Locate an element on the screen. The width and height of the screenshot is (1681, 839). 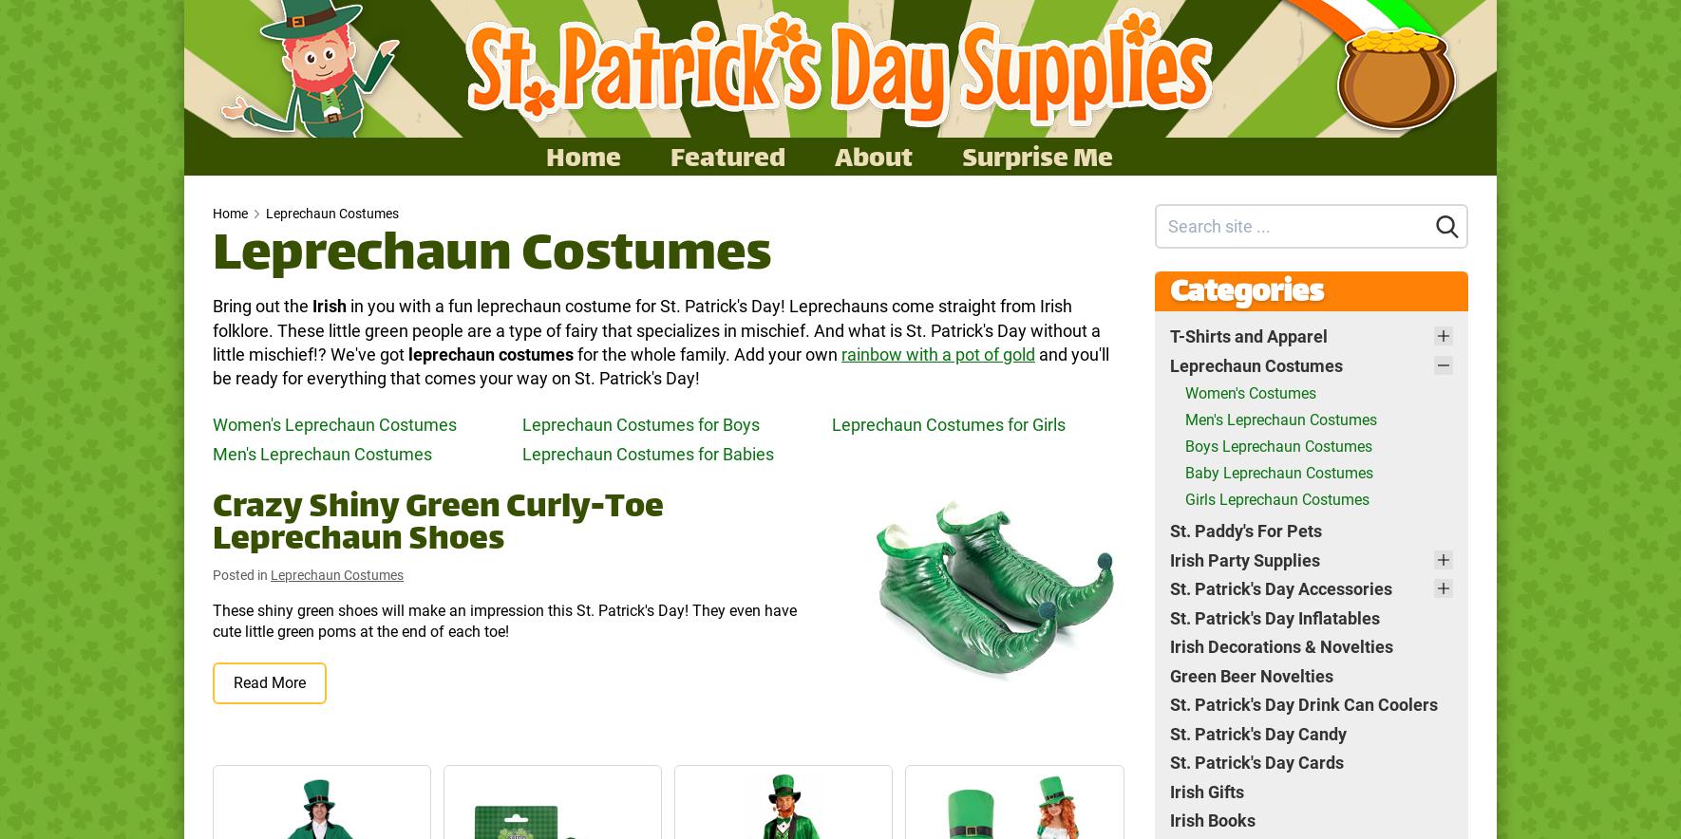
'Irish Decorations & Novelties' is located at coordinates (1280, 646).